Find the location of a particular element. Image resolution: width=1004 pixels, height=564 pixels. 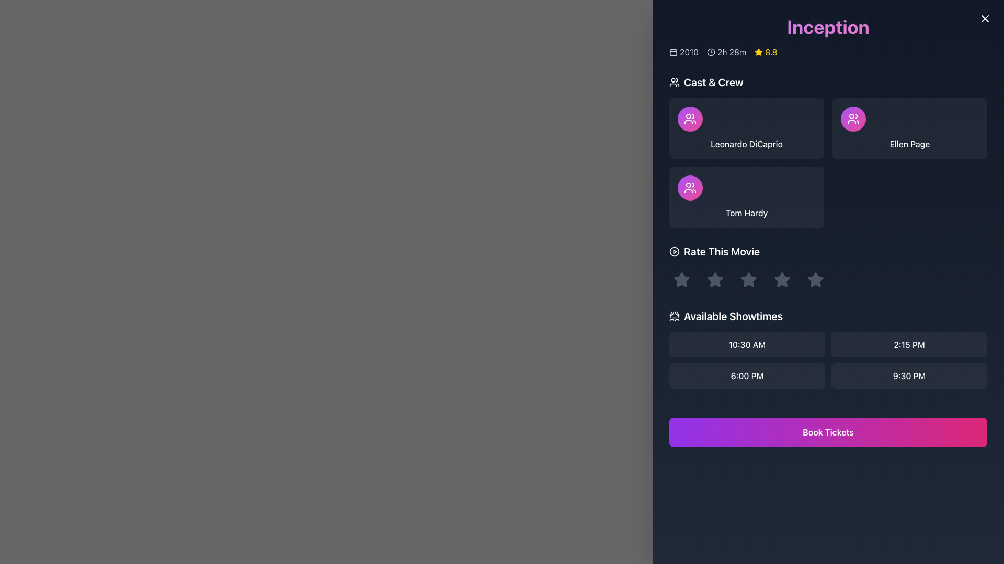

the fourth star icon in the 'Rate This Movie' section is located at coordinates (815, 279).